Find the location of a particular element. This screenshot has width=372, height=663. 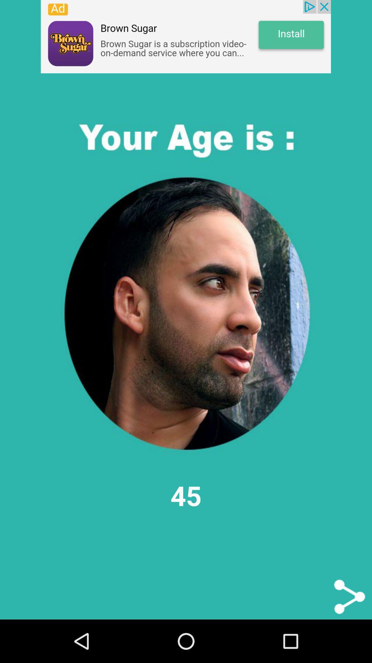

sharing options is located at coordinates (349, 596).